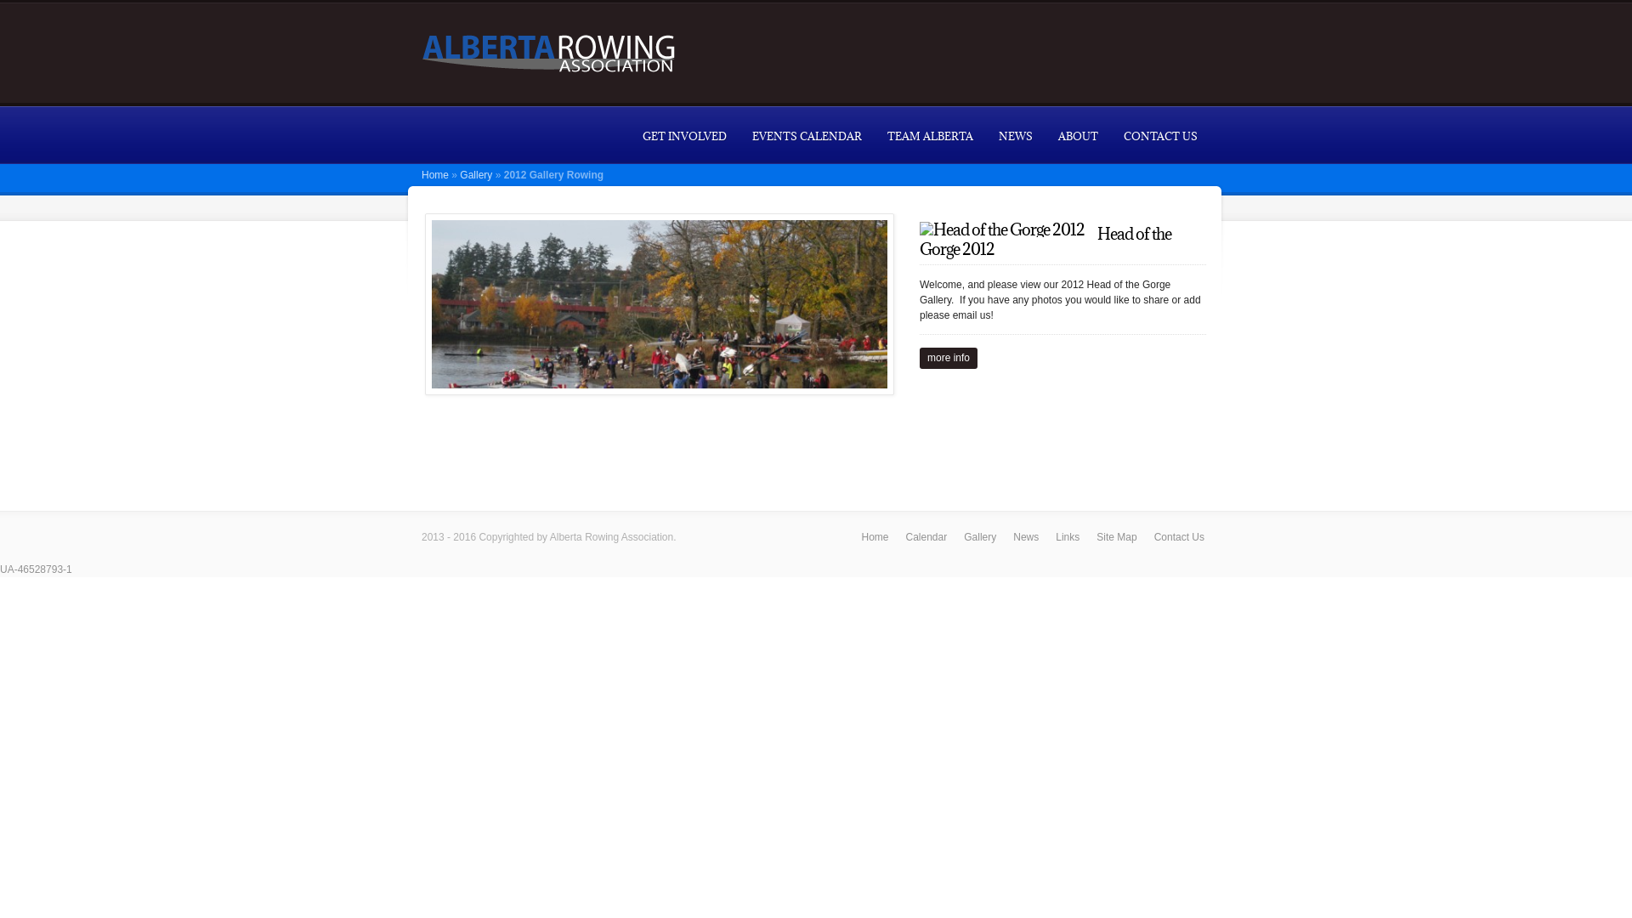 The height and width of the screenshot is (918, 1632). What do you see at coordinates (874, 536) in the screenshot?
I see `'Home'` at bounding box center [874, 536].